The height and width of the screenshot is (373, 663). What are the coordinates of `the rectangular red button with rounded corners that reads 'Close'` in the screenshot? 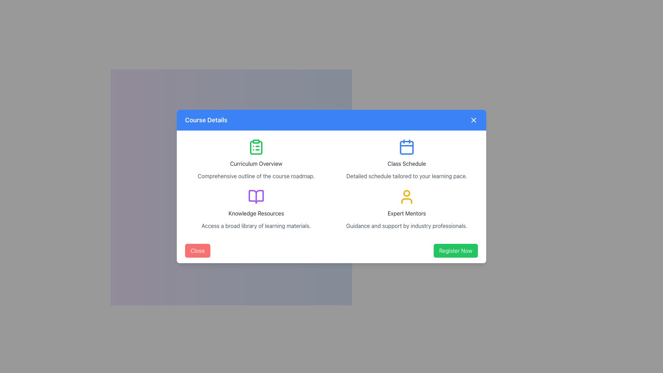 It's located at (197, 250).